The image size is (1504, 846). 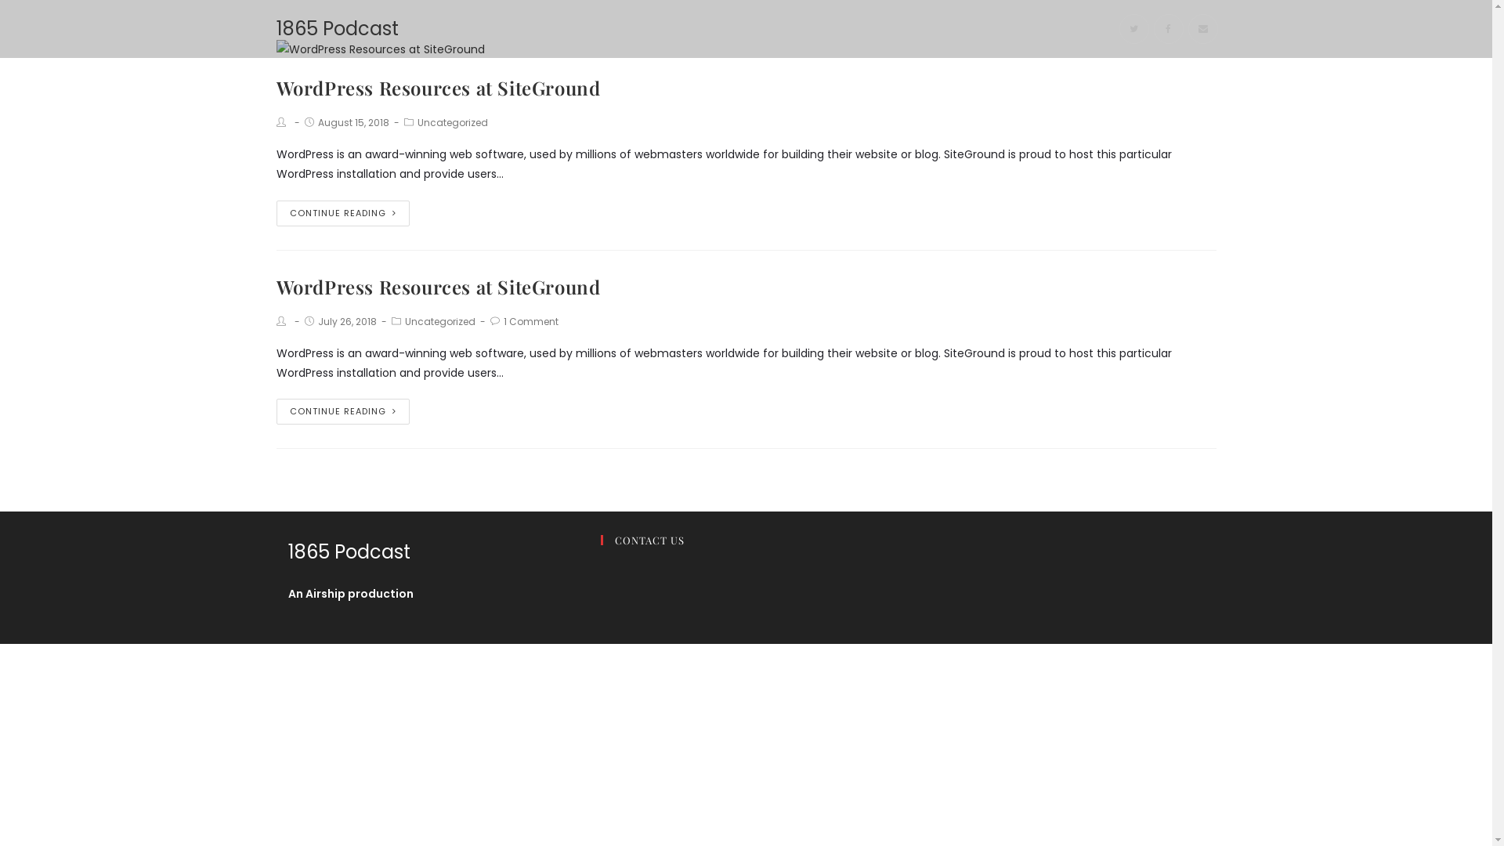 I want to click on '1865 Podcast', so click(x=275, y=28).